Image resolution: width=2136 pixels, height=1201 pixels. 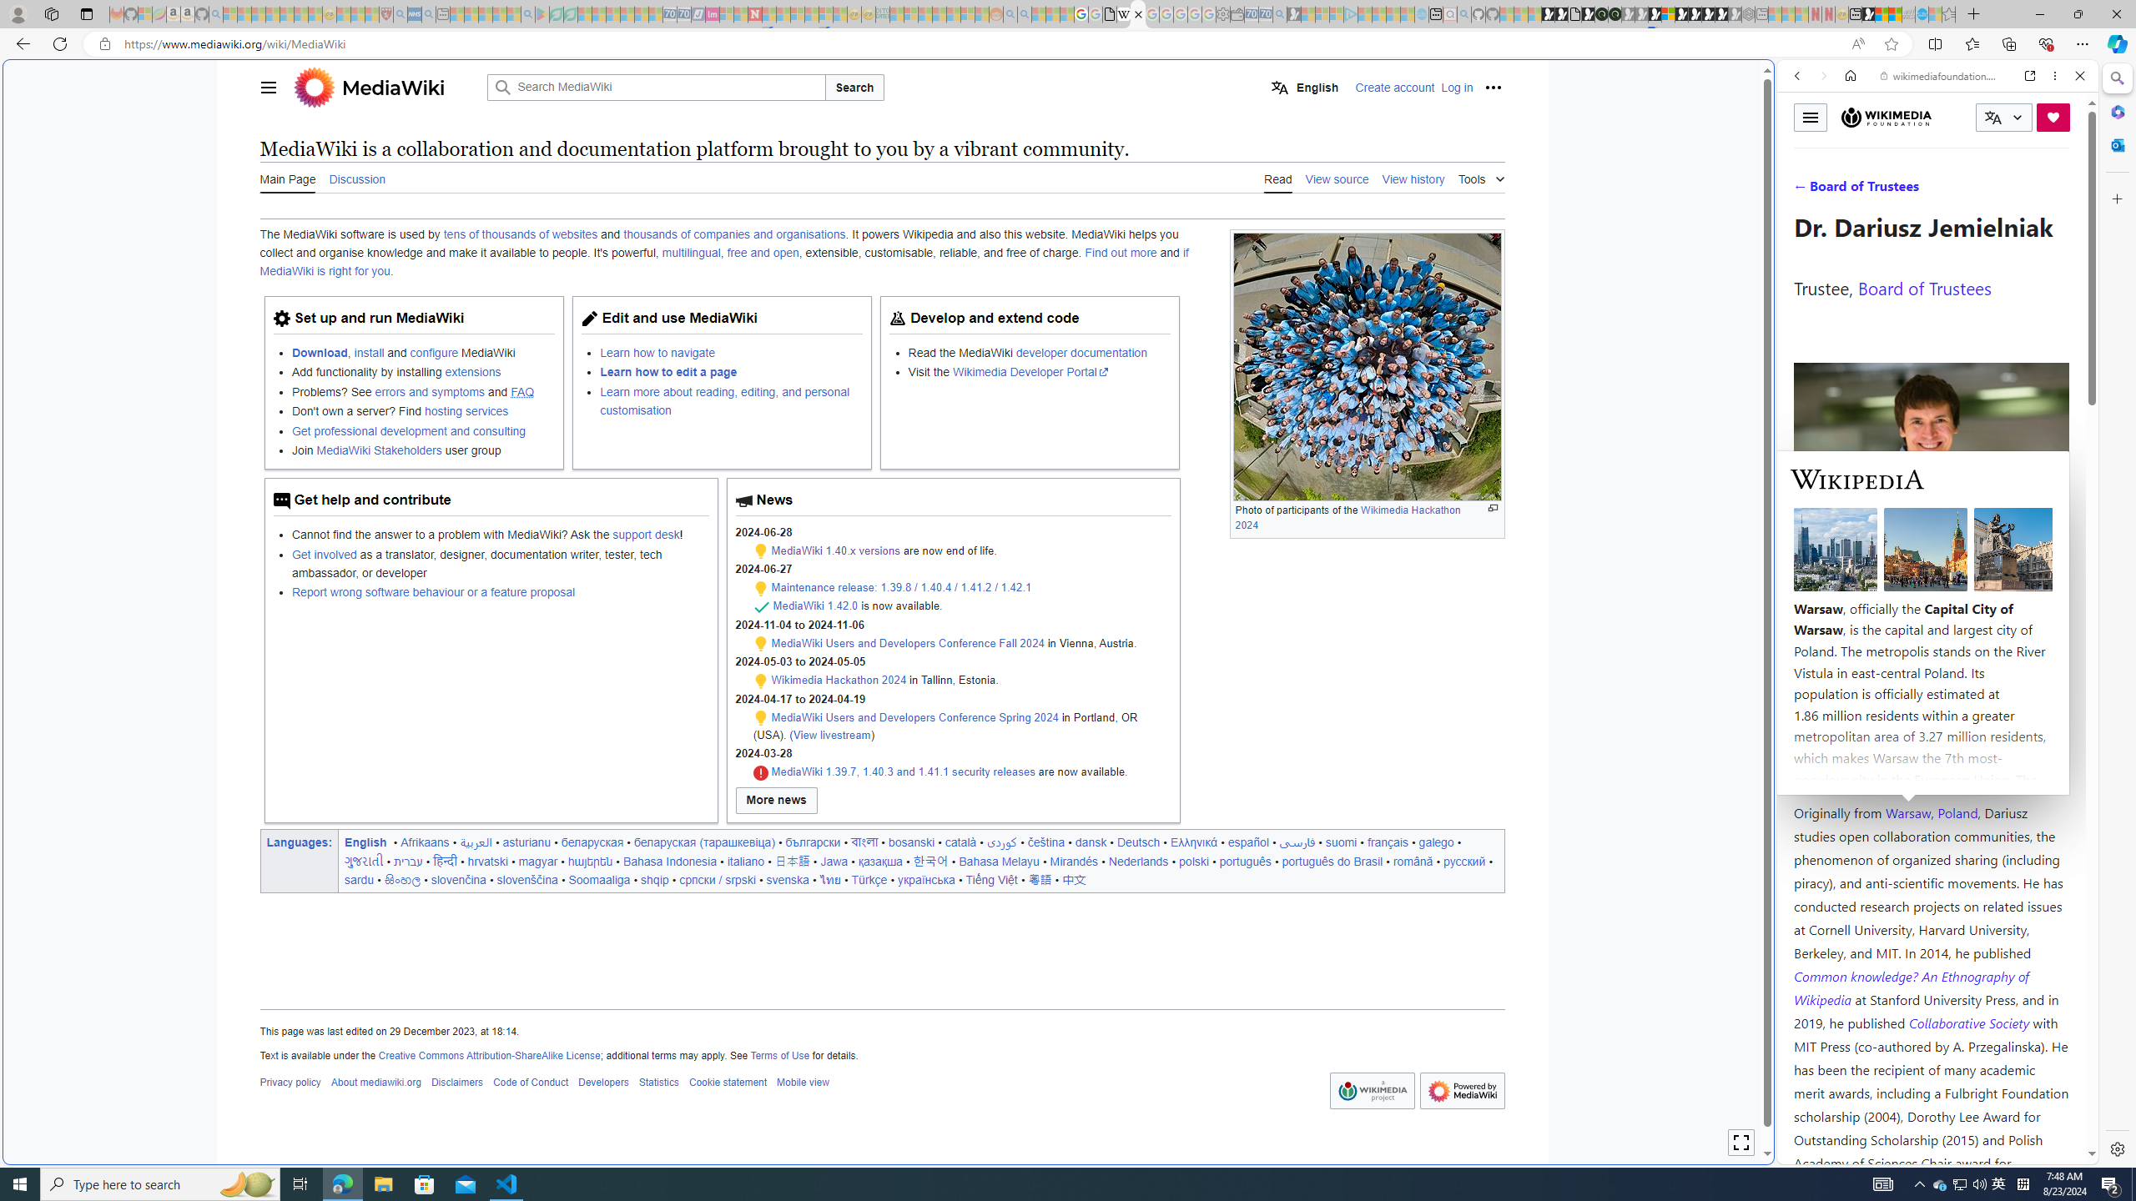 What do you see at coordinates (768, 13) in the screenshot?
I see `'Trusted Community Engagement and Contributions | Guidelines'` at bounding box center [768, 13].